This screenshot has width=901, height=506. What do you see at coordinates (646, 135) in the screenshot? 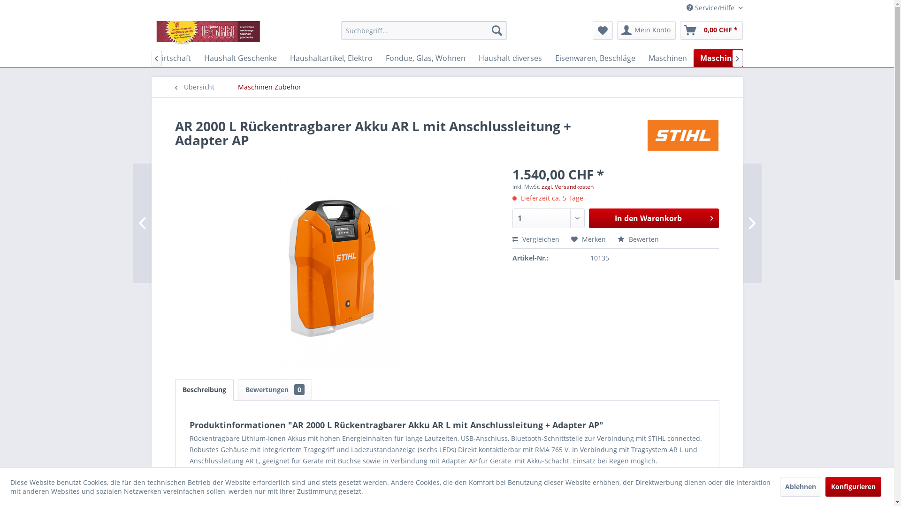
I see `'Weitere Artikel von STIHL'` at bounding box center [646, 135].